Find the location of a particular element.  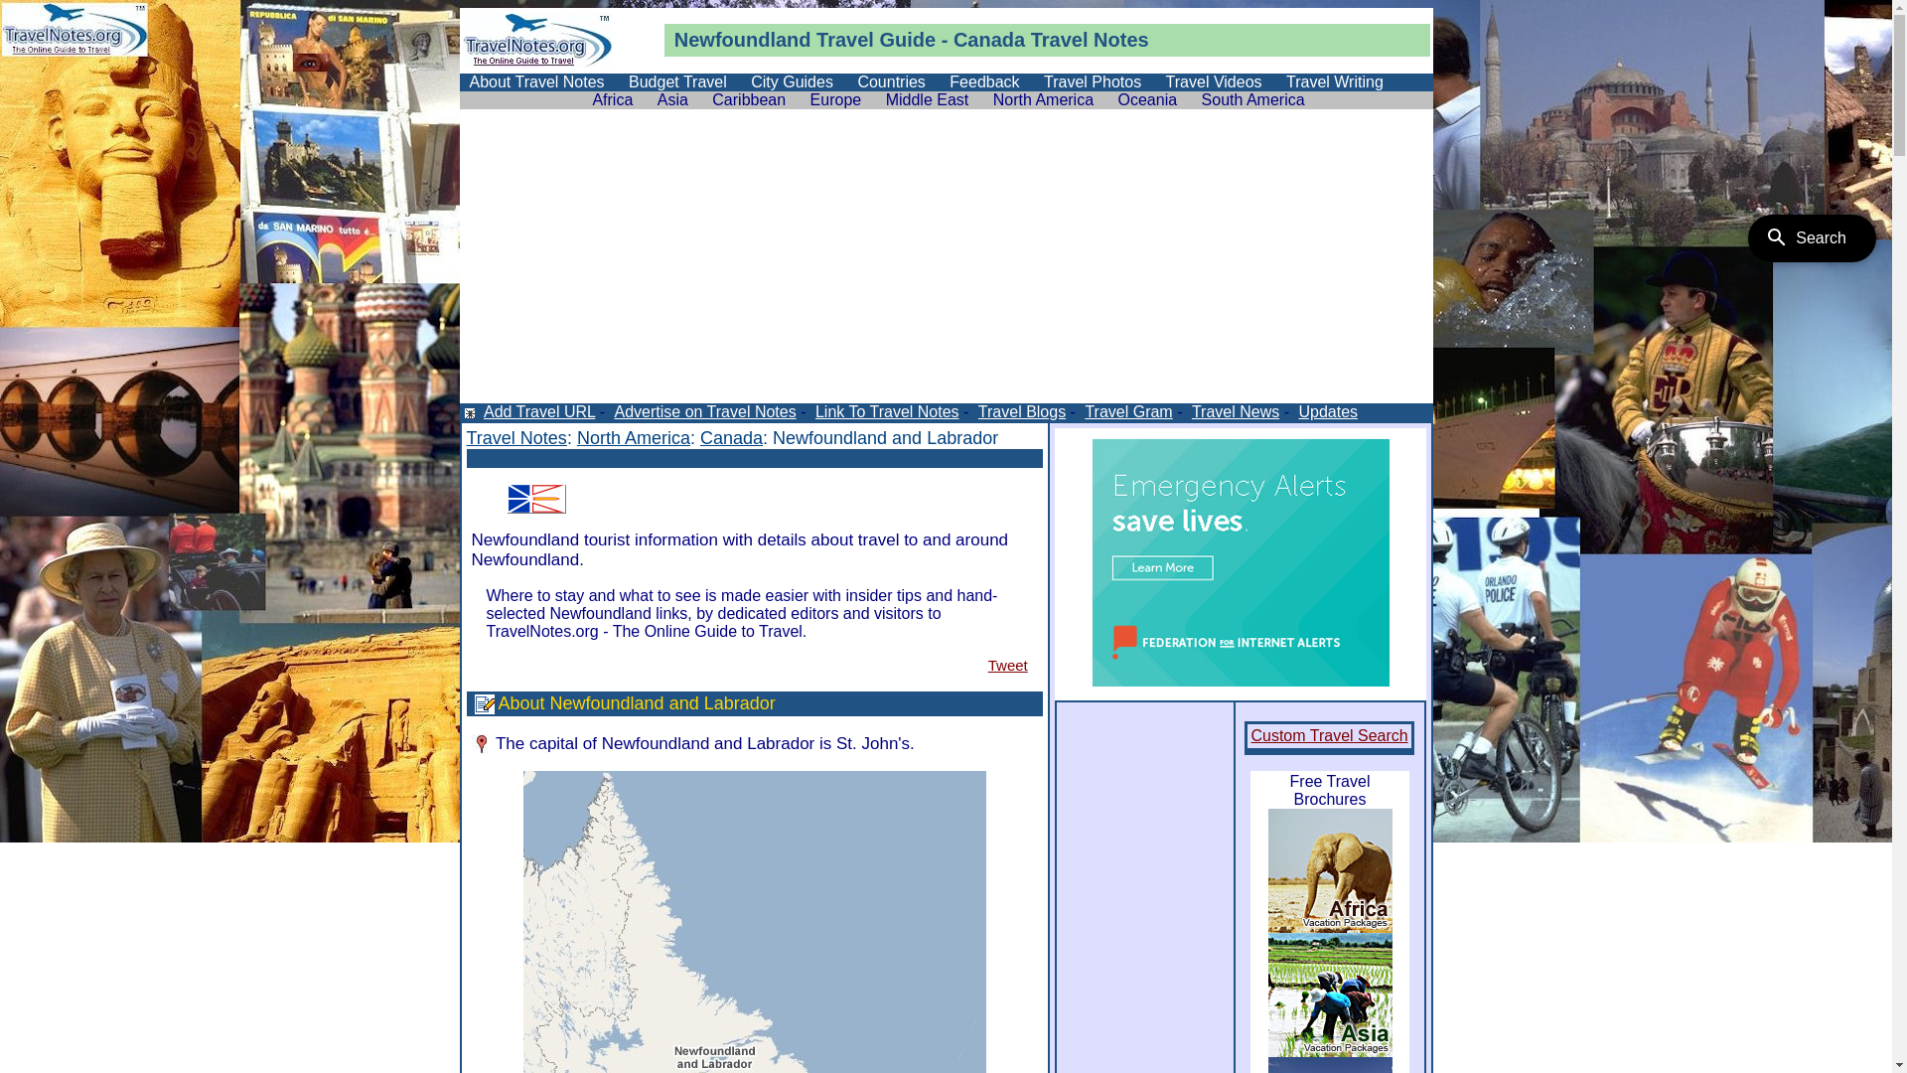

'Travel News' is located at coordinates (1233, 410).